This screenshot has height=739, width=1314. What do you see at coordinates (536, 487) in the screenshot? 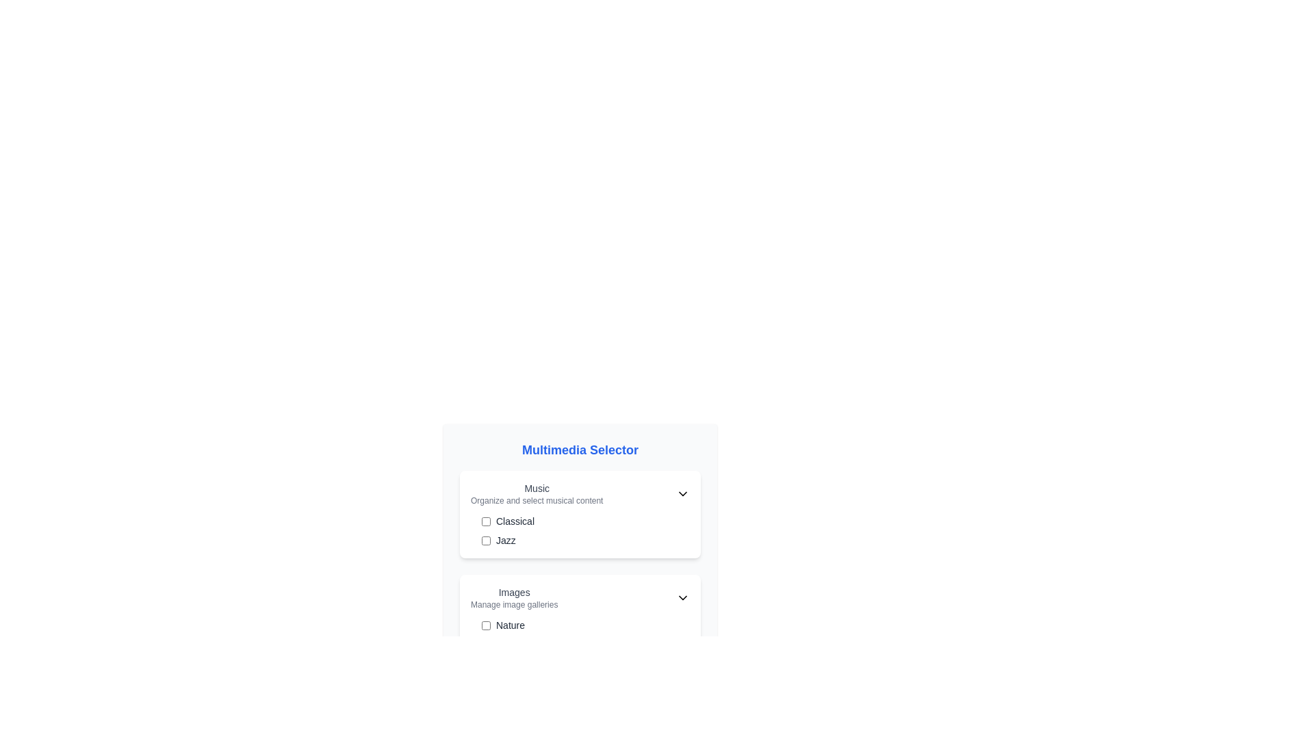
I see `the Text label that serves as a section header for music selection and organization, positioned at the top left of its subsection within the multimedia selector interface` at bounding box center [536, 487].